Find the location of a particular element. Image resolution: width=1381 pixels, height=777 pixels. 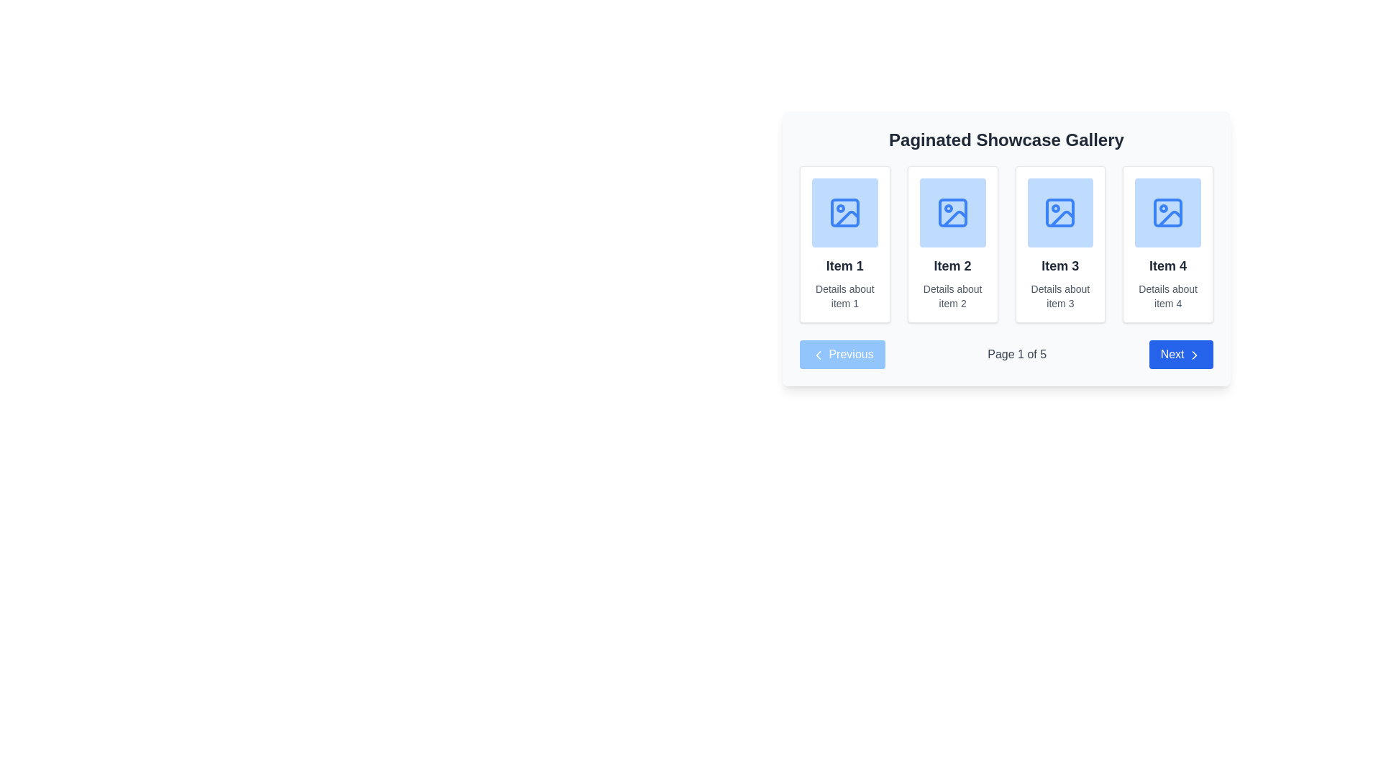

the chevron-right icon located within the 'Next' button at the lower right corner of the interface is located at coordinates (1194, 355).